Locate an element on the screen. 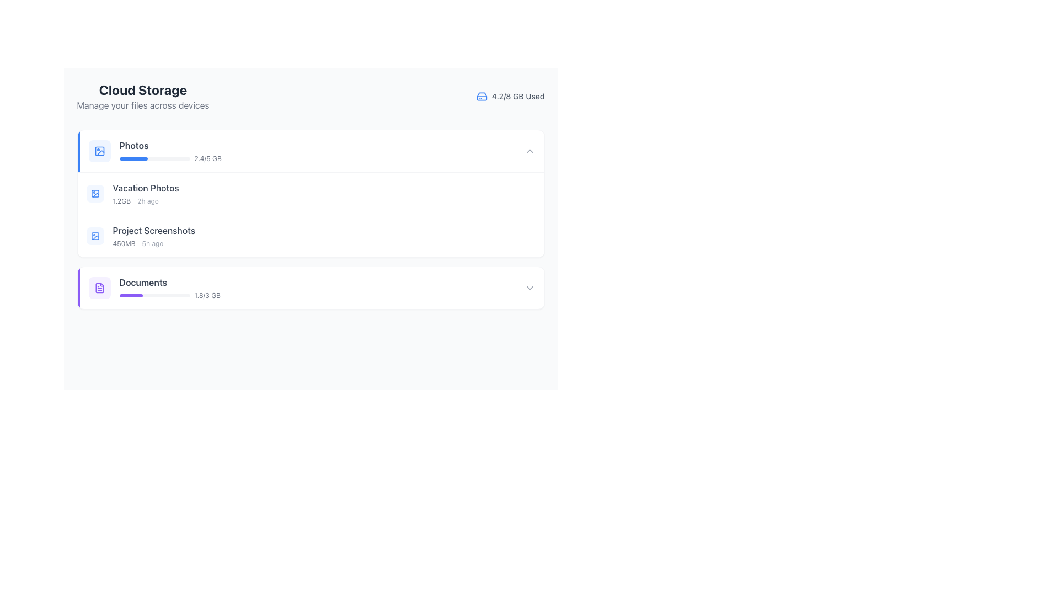  text content of the 'Vacation Photos' label located in the second row of a vertical list layout, which provides contextual information to the user is located at coordinates (145, 187).